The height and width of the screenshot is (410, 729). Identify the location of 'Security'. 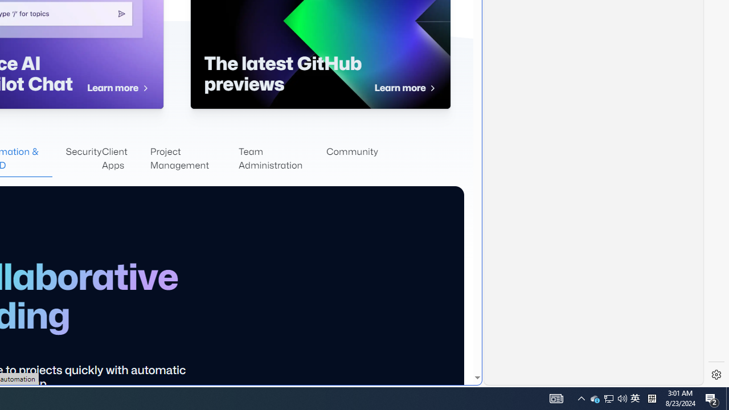
(83, 159).